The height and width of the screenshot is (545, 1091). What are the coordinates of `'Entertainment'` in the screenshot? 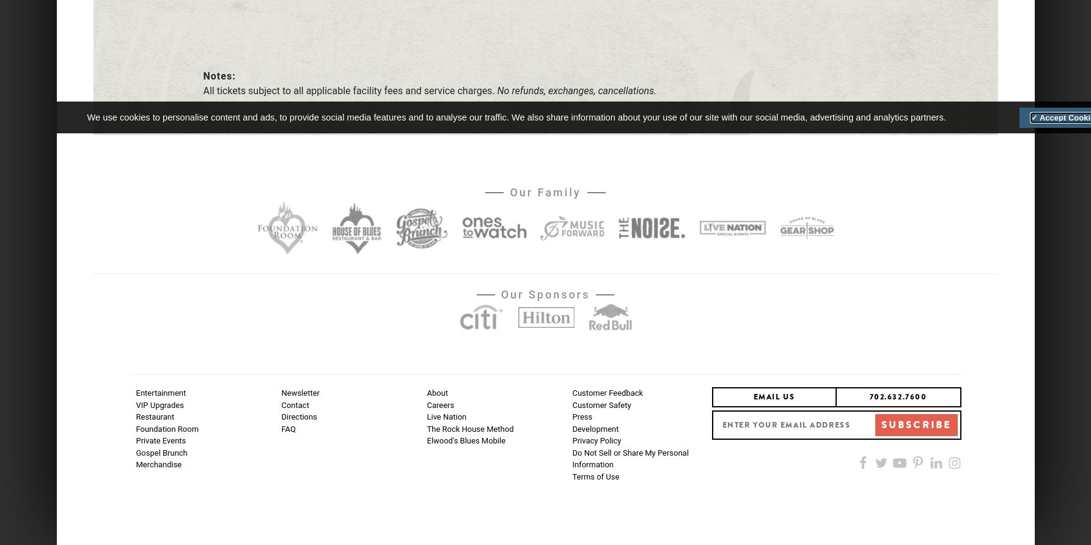 It's located at (160, 392).